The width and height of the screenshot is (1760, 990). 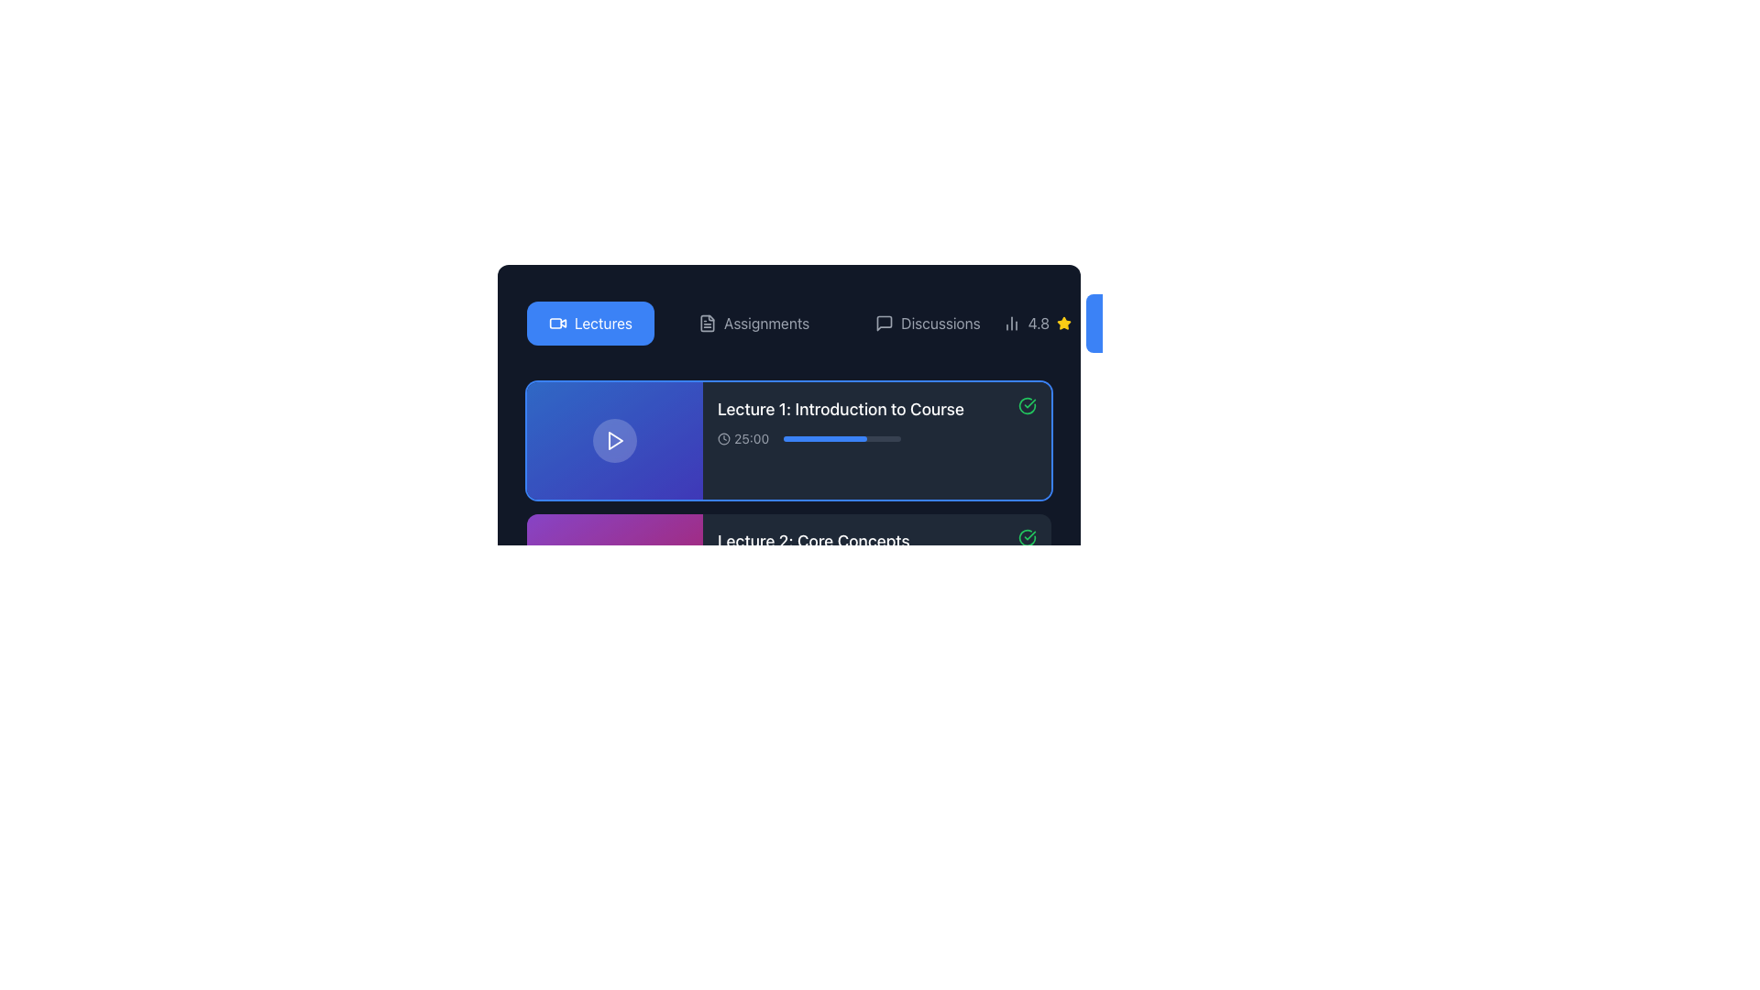 What do you see at coordinates (615, 441) in the screenshot?
I see `the play button icon located on the left side of the lecture title 'Lecture 1: Introduction to Course'` at bounding box center [615, 441].